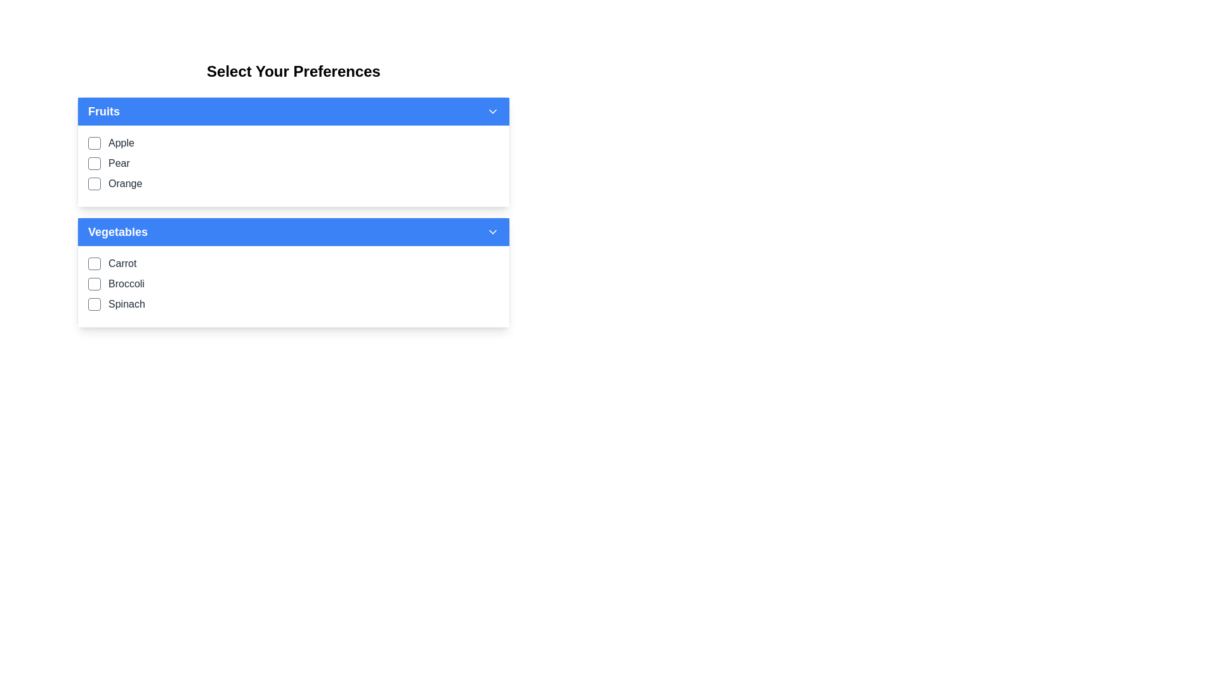  What do you see at coordinates (93, 283) in the screenshot?
I see `the checkbox for 'Broccoli' in the 'Vegetables' category` at bounding box center [93, 283].